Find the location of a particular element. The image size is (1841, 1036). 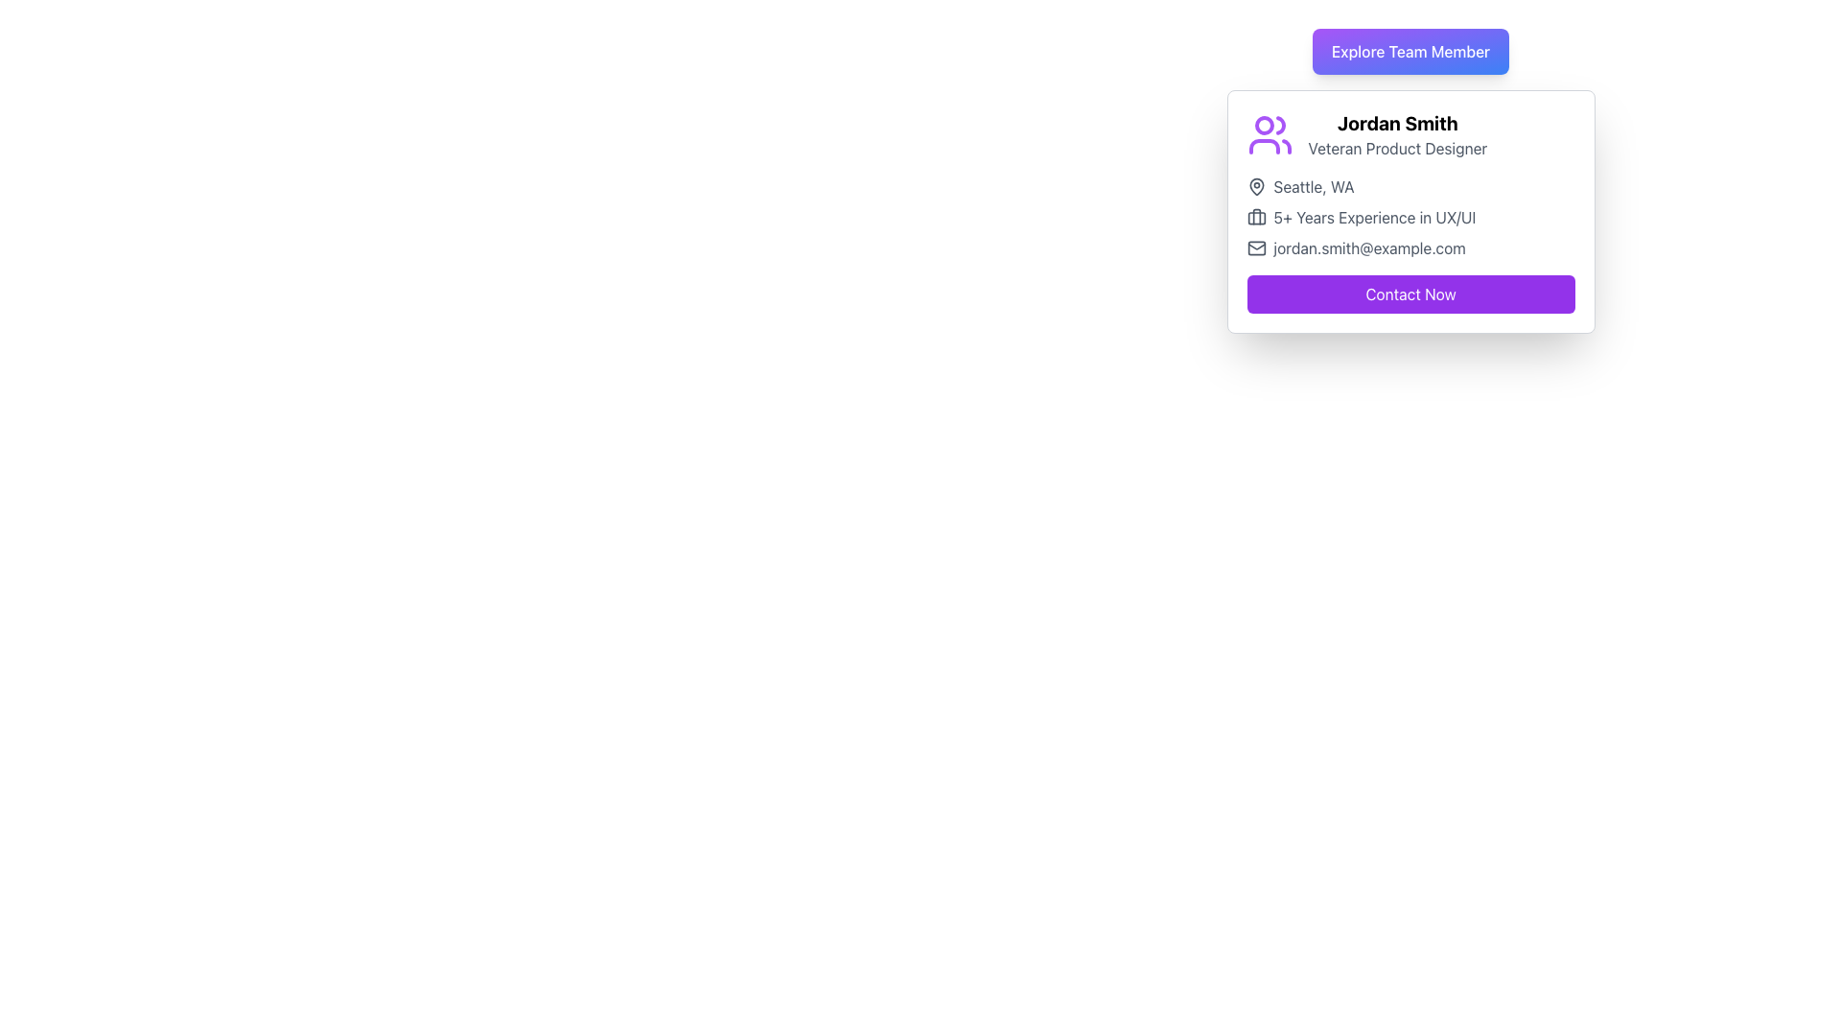

the Text Label displaying the email address, which is located below 'Seattle, WA' and '5+ Years Experience in UX/UI', and is aligned with an envelope icon to its left is located at coordinates (1410, 247).